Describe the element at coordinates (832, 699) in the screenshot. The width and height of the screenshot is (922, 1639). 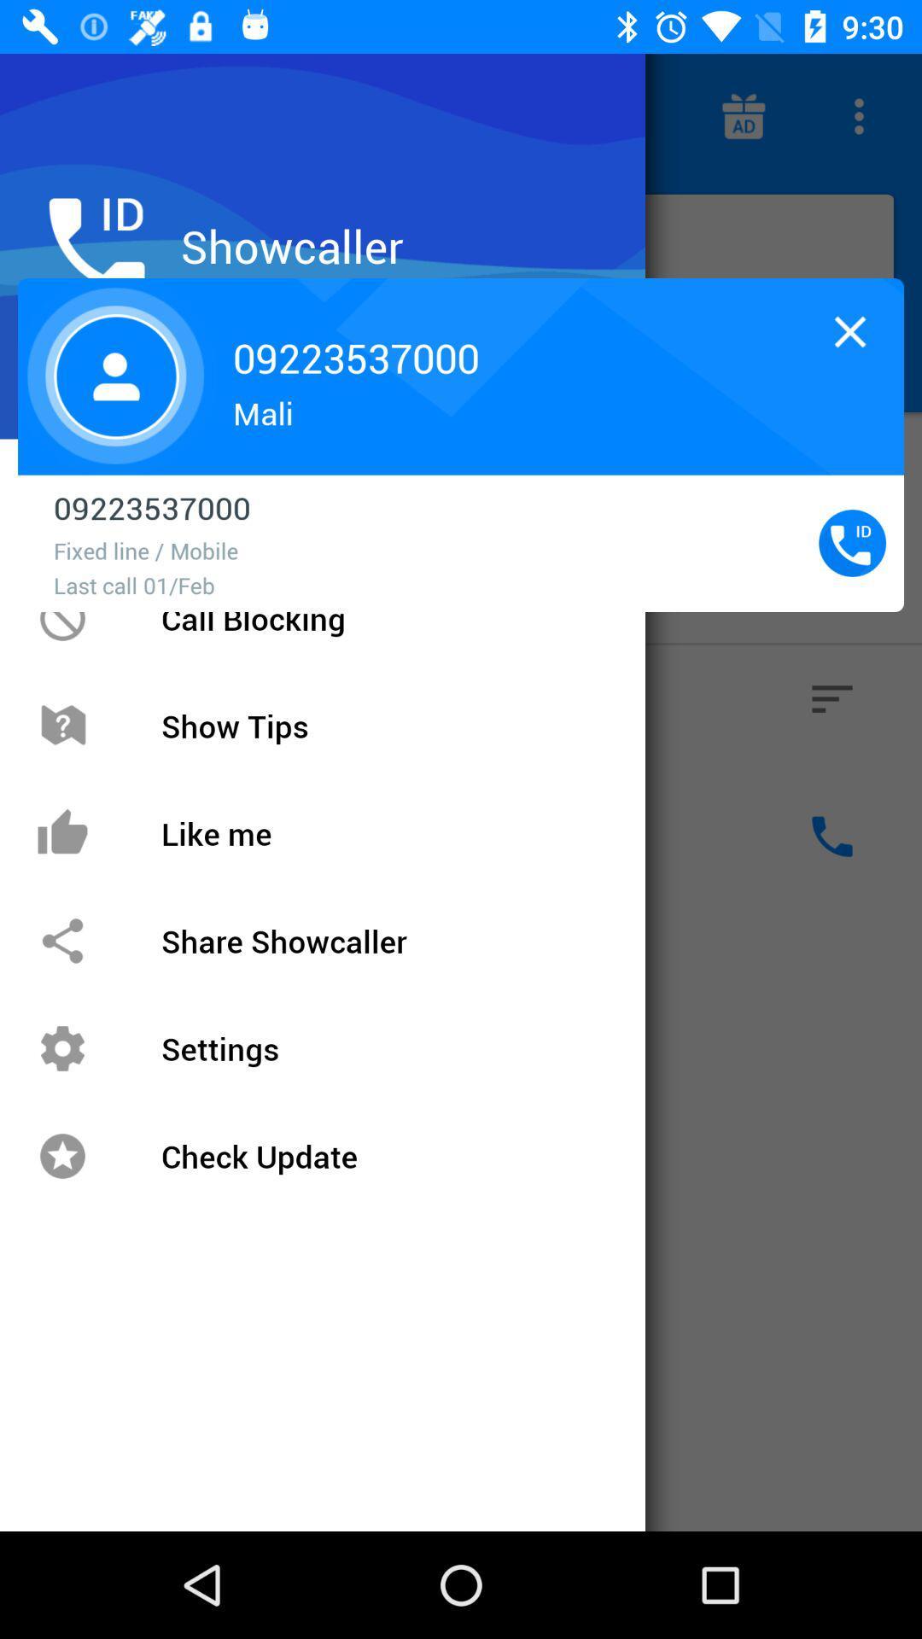
I see `the button below the caller id button on the web page` at that location.